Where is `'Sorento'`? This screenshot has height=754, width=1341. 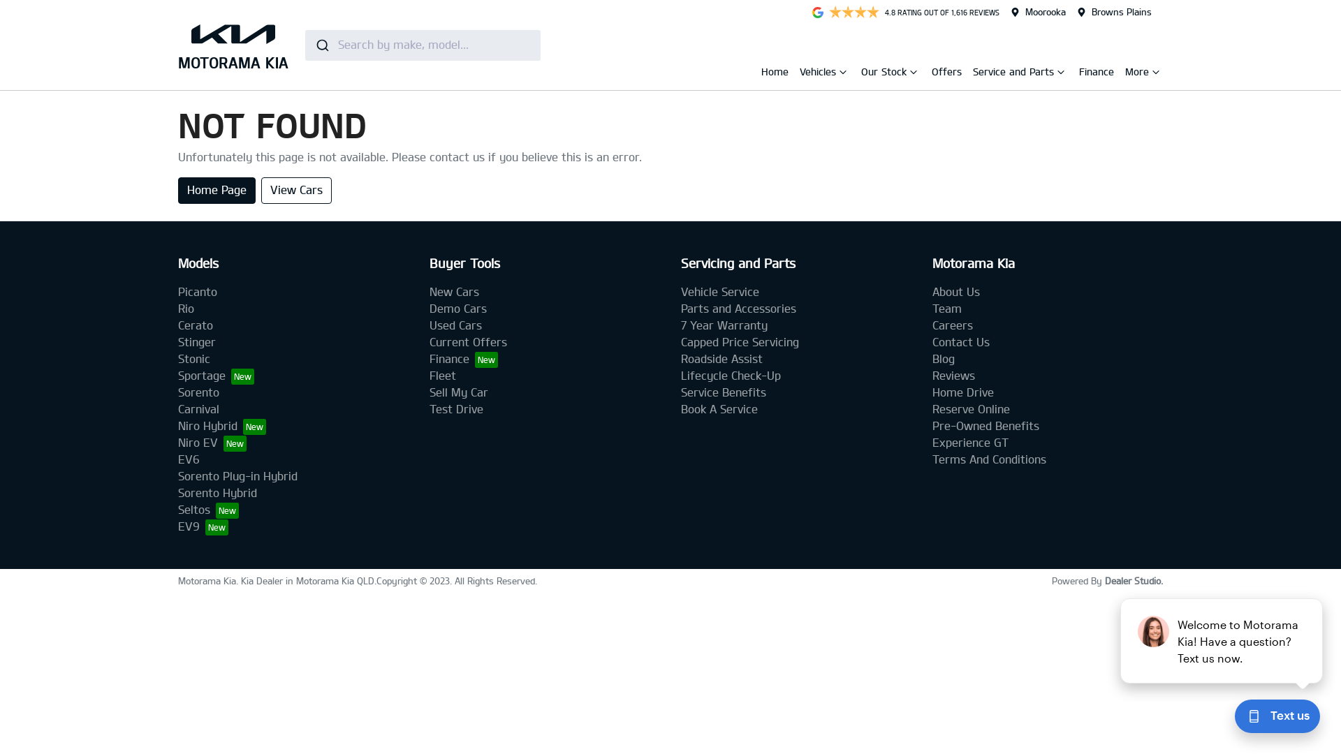
'Sorento' is located at coordinates (198, 392).